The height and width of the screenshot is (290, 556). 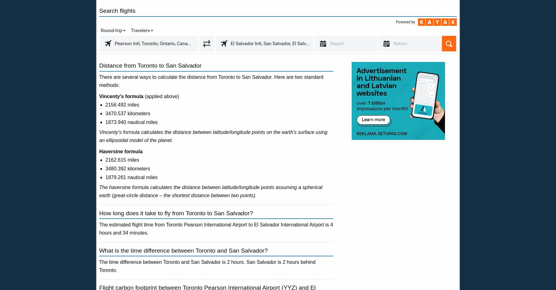 What do you see at coordinates (183, 250) in the screenshot?
I see `'What is the time difference between Toronto and San Salvador?'` at bounding box center [183, 250].